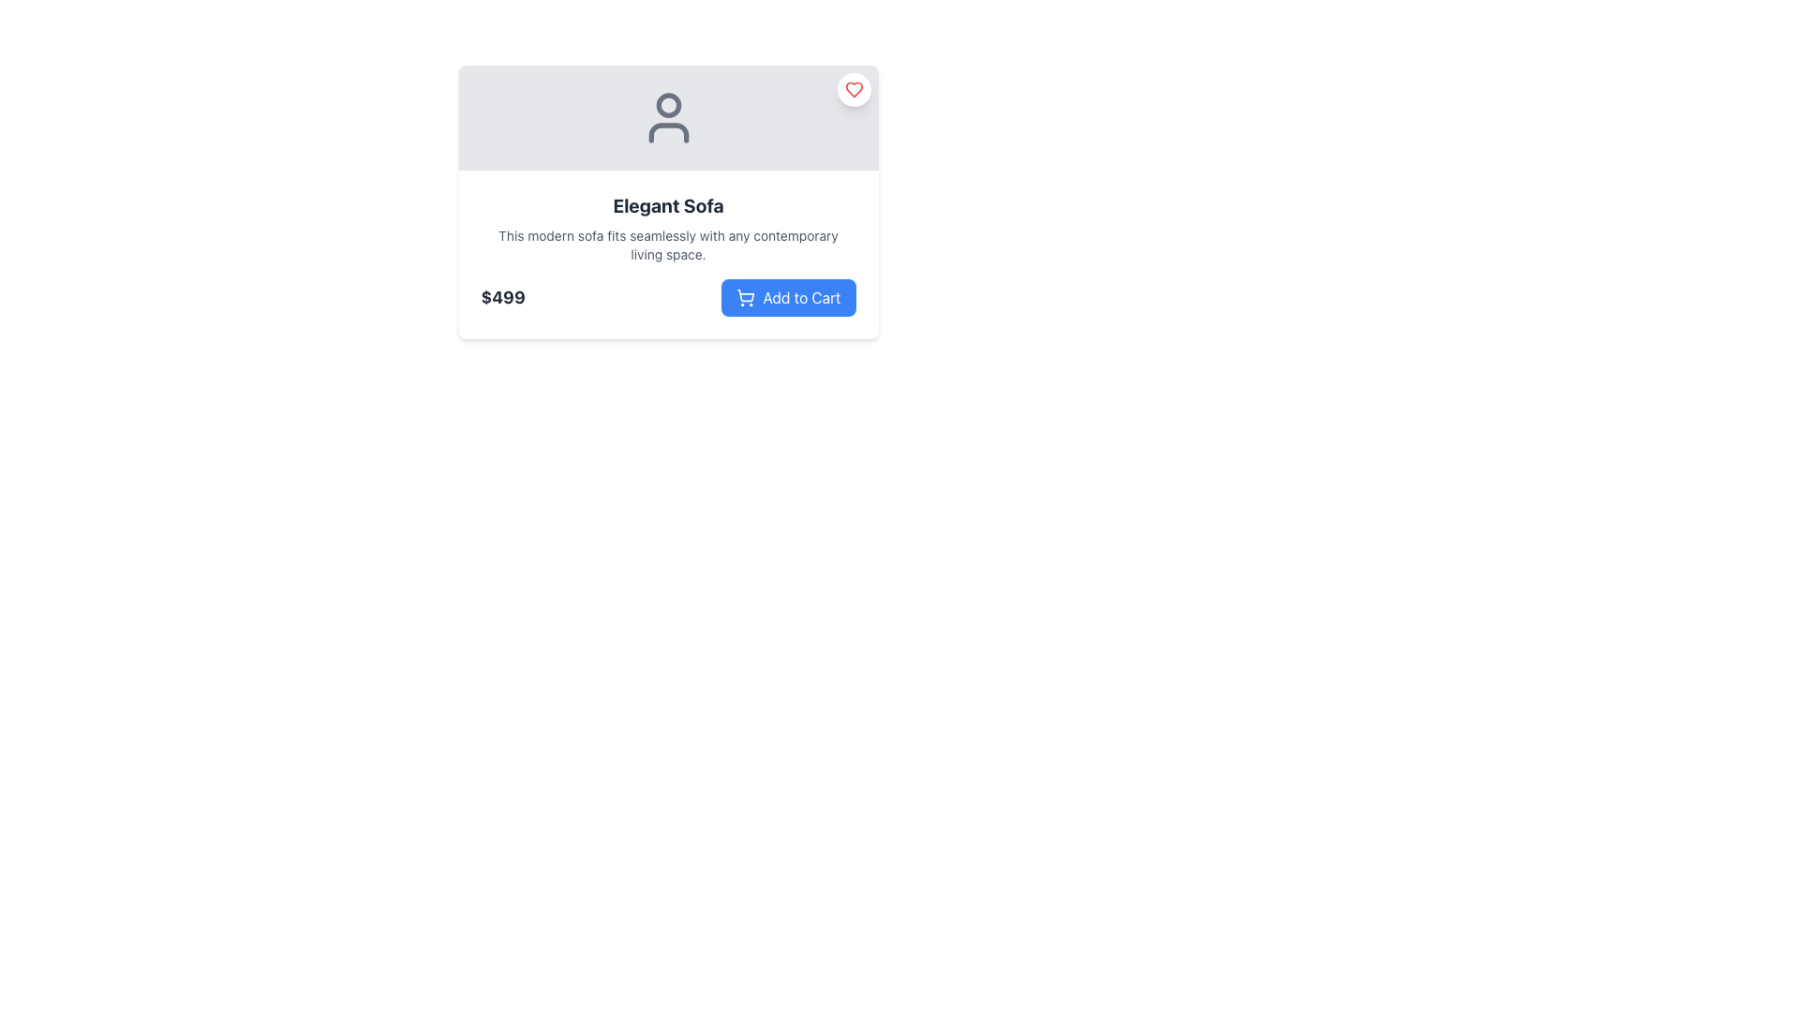 This screenshot has width=1799, height=1012. Describe the element at coordinates (853, 90) in the screenshot. I see `the heart-shaped icon representing a like or favorite action` at that location.